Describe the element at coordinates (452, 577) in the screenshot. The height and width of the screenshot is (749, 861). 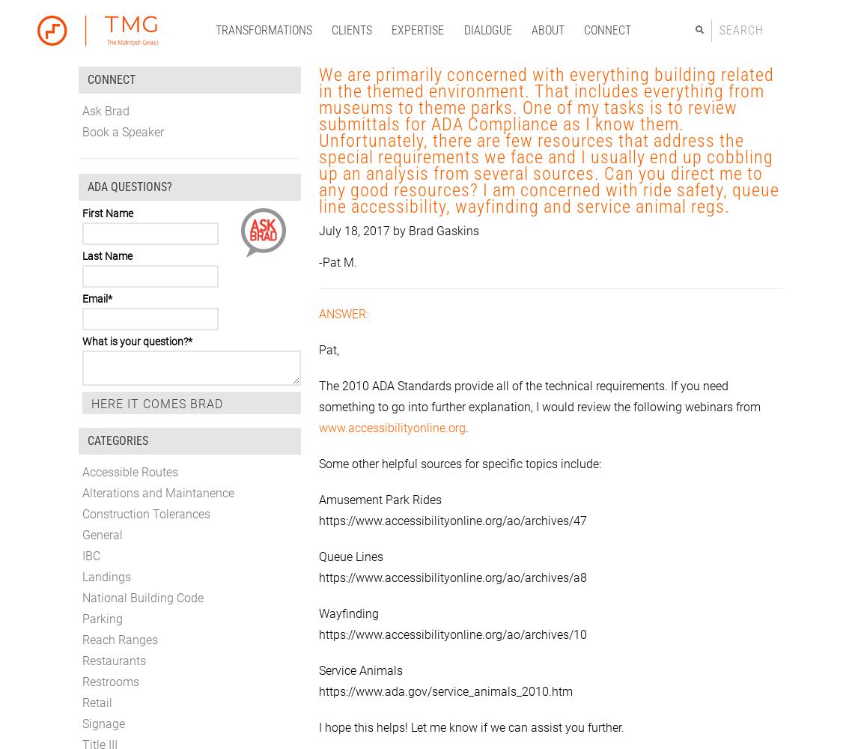
I see `'https://www.accessibilityonline.org/ao/archives/a8'` at that location.